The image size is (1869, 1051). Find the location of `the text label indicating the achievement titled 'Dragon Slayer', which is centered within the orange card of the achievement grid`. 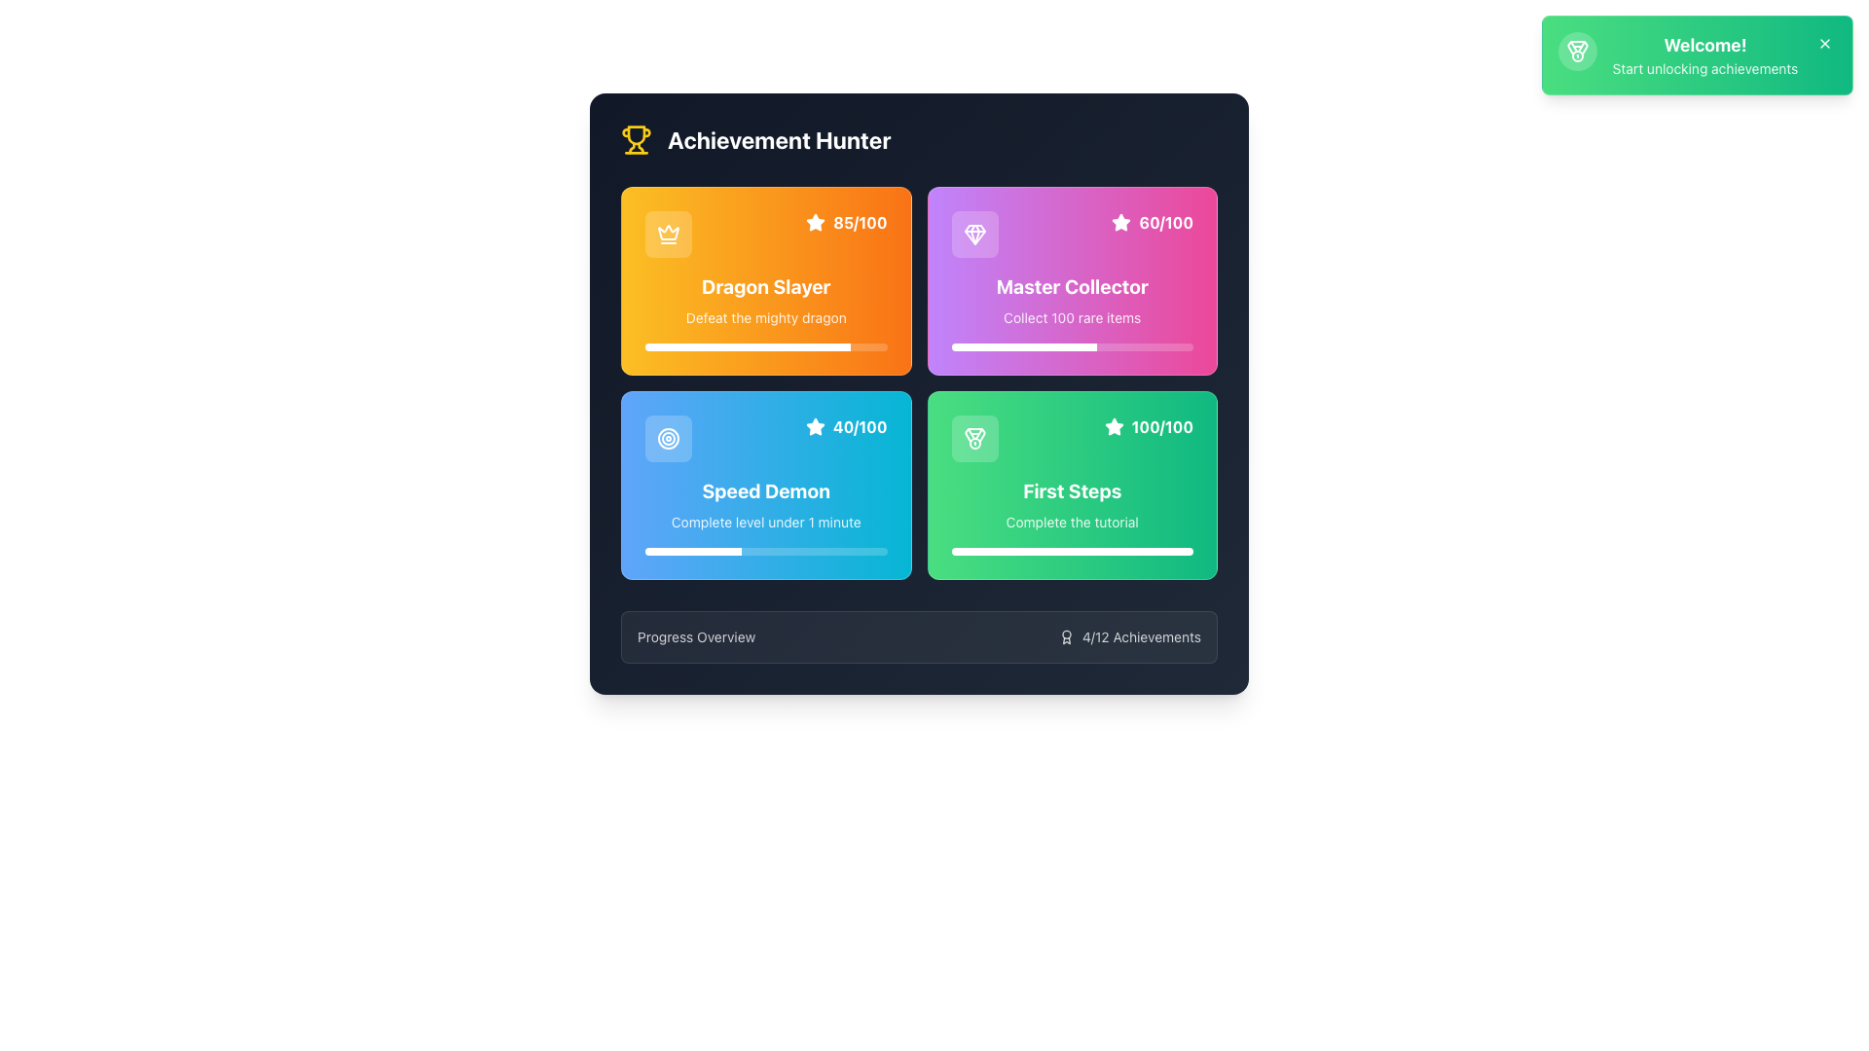

the text label indicating the achievement titled 'Dragon Slayer', which is centered within the orange card of the achievement grid is located at coordinates (765, 286).